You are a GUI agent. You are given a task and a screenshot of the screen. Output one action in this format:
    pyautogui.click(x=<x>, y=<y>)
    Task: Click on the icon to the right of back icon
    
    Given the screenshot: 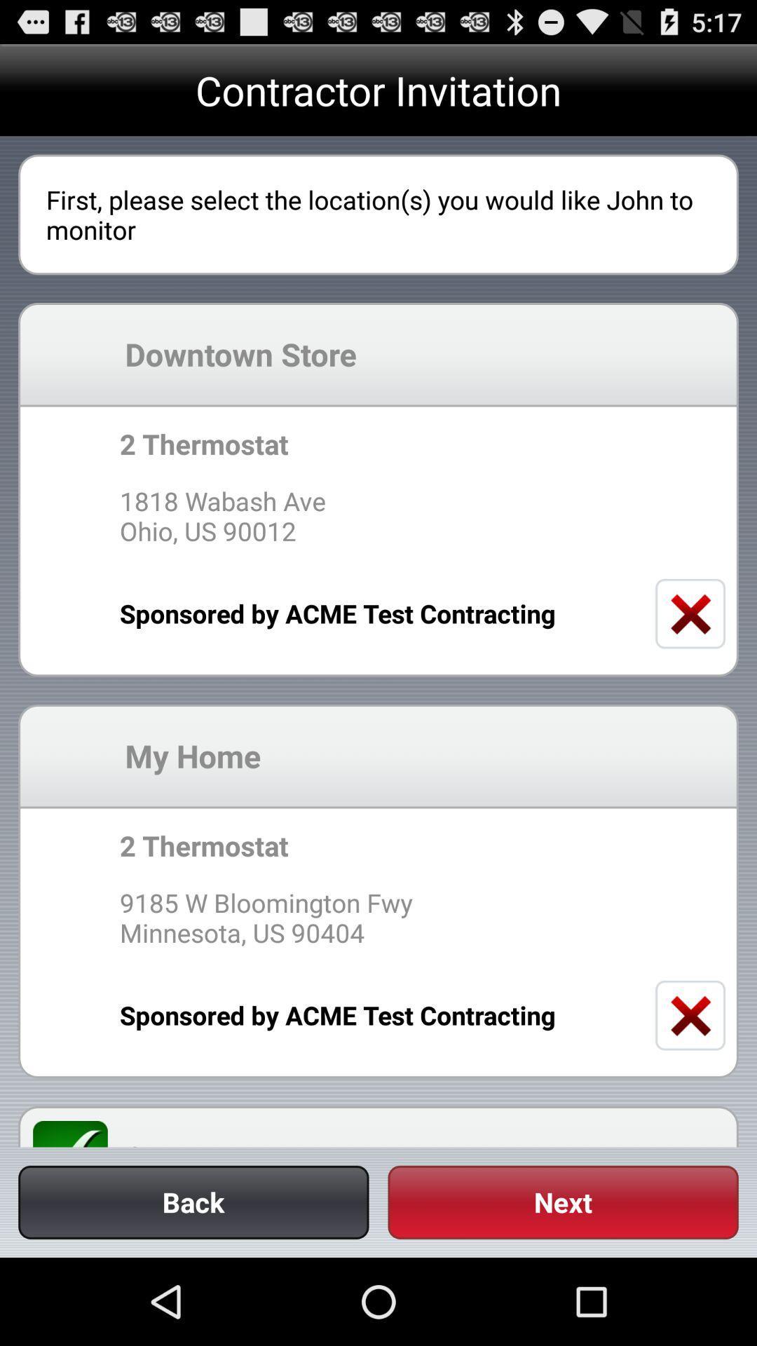 What is the action you would take?
    pyautogui.click(x=562, y=1202)
    